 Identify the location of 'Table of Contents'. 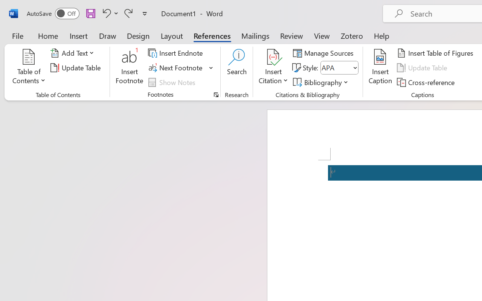
(29, 67).